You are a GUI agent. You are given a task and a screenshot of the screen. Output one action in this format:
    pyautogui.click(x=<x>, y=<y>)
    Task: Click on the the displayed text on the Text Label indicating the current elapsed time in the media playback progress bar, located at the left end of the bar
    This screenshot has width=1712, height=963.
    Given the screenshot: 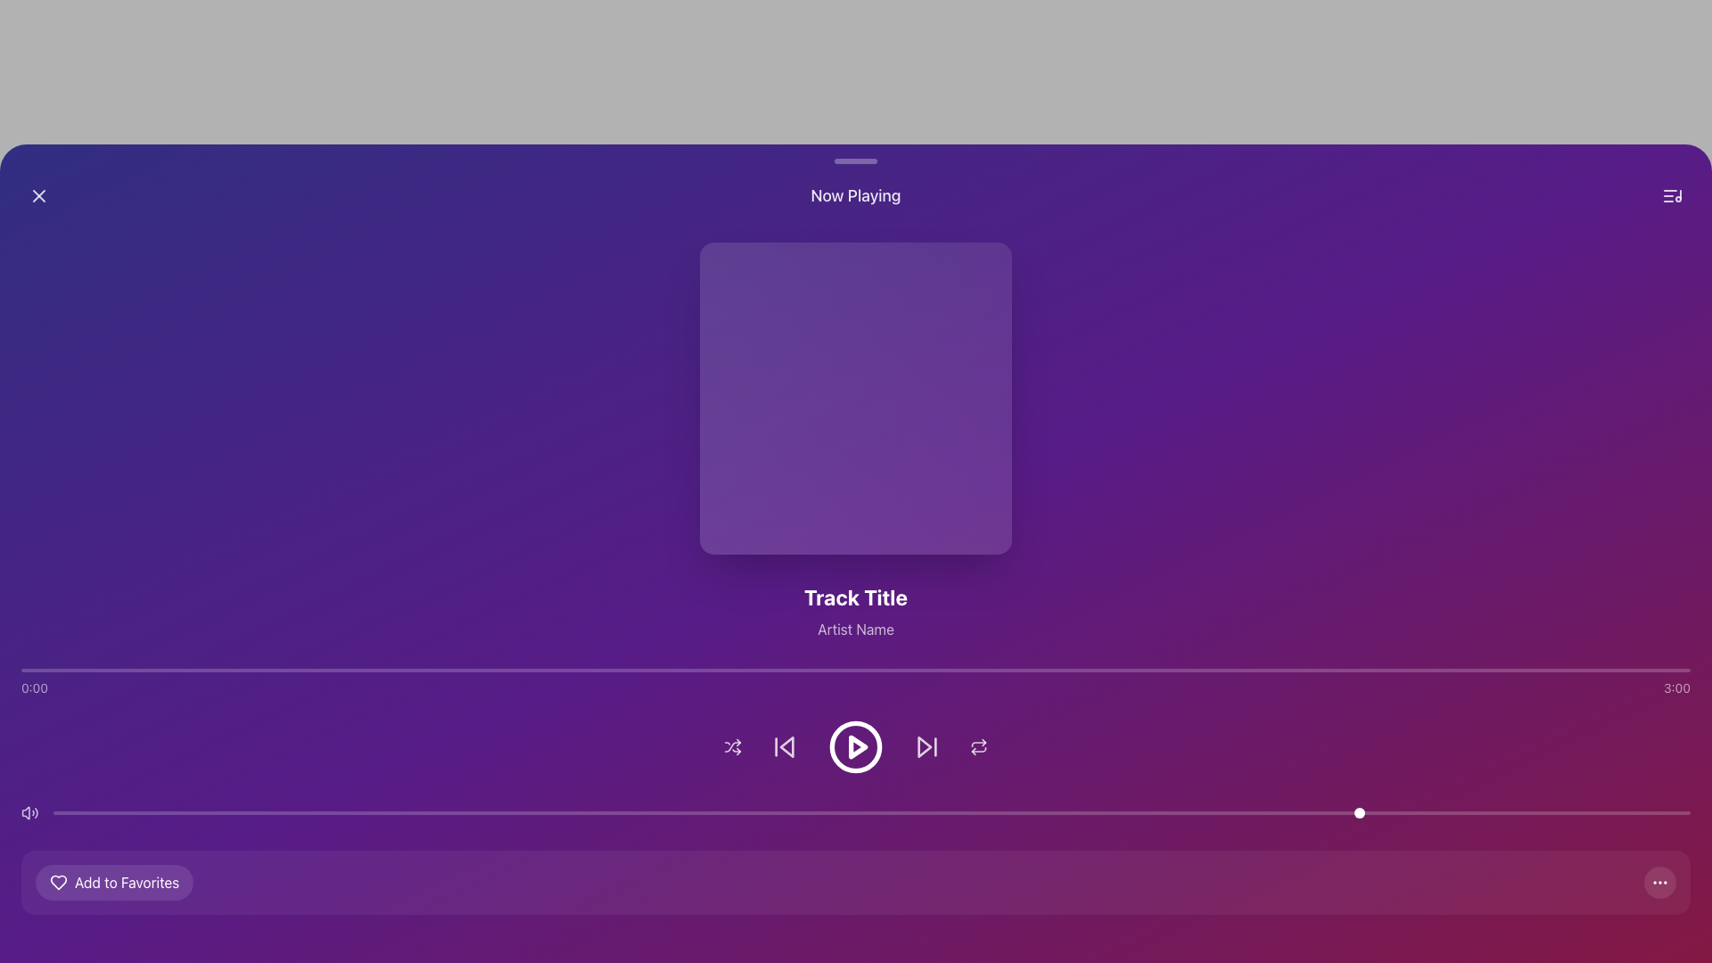 What is the action you would take?
    pyautogui.click(x=34, y=687)
    